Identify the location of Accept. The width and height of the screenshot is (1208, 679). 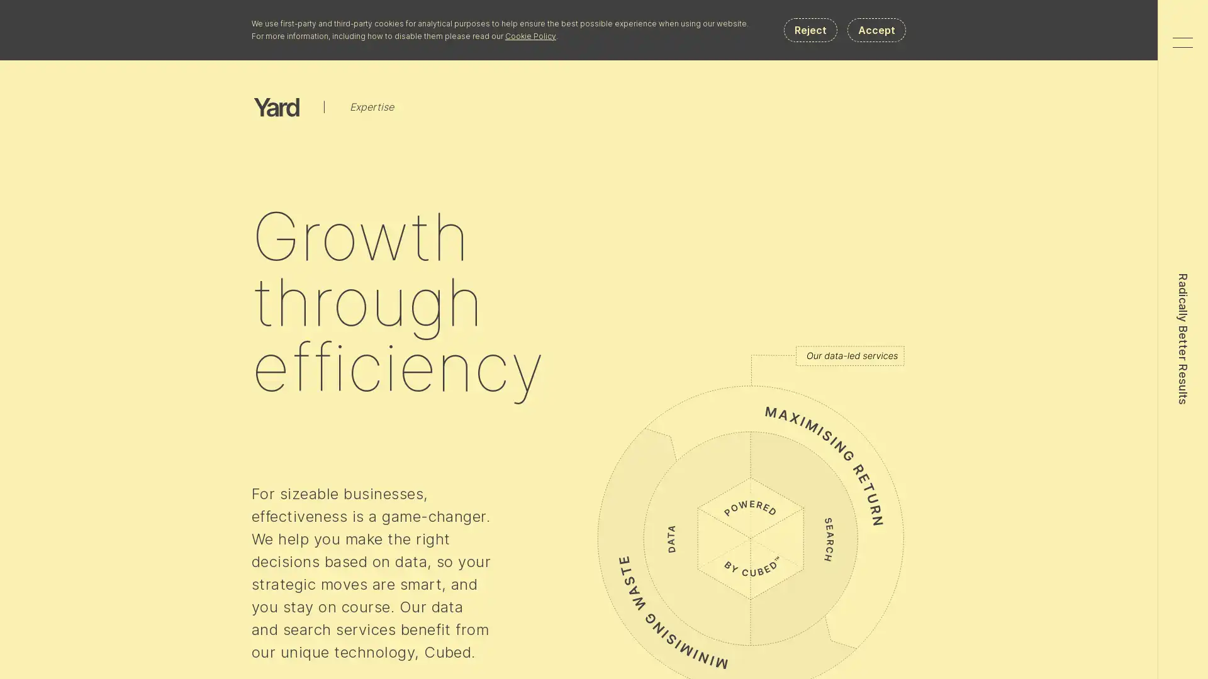
(876, 29).